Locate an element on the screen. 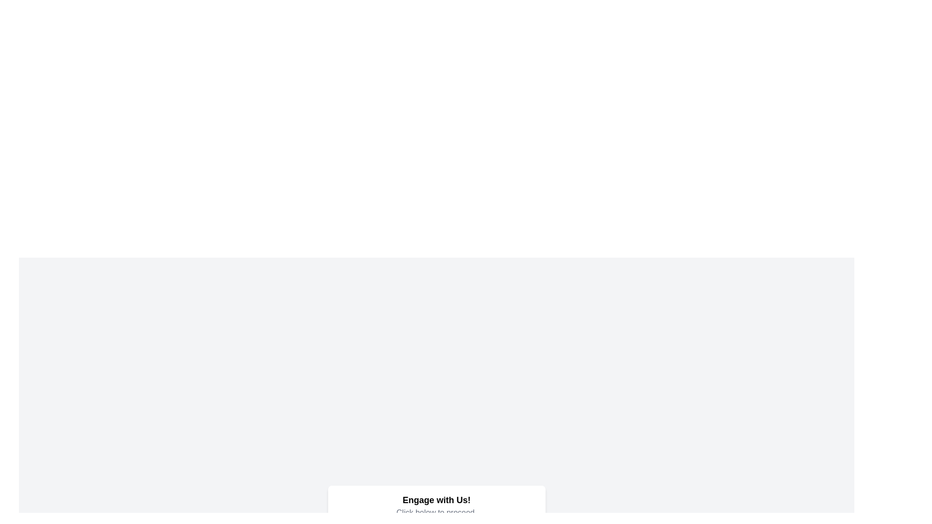 The width and height of the screenshot is (932, 524). the static text label that provides instructional guidance, located below 'Engage with Us!' and above the 'Begin' button is located at coordinates (436, 512).